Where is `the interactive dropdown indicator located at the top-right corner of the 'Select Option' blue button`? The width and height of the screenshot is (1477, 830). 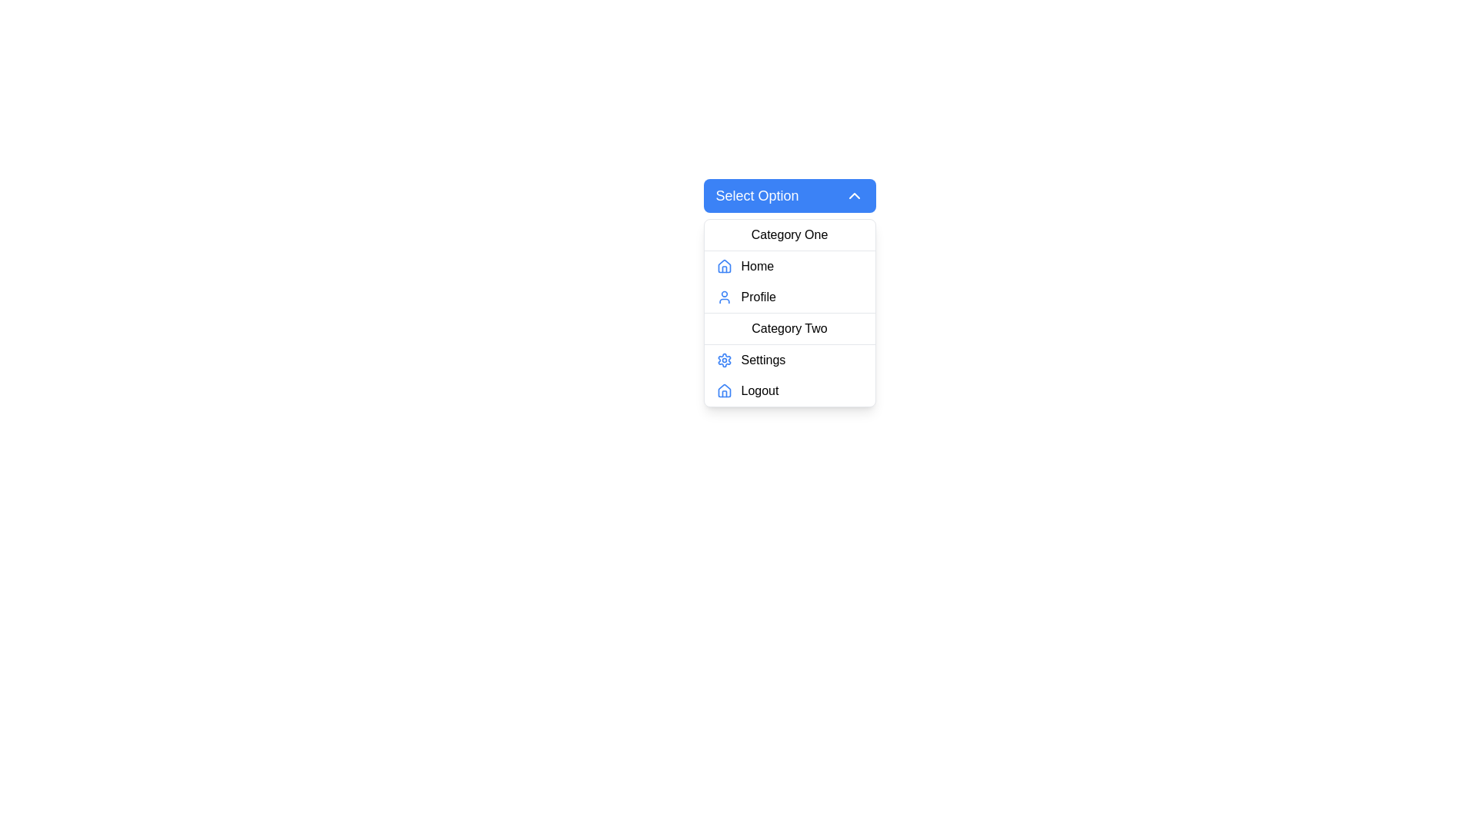
the interactive dropdown indicator located at the top-right corner of the 'Select Option' blue button is located at coordinates (853, 194).